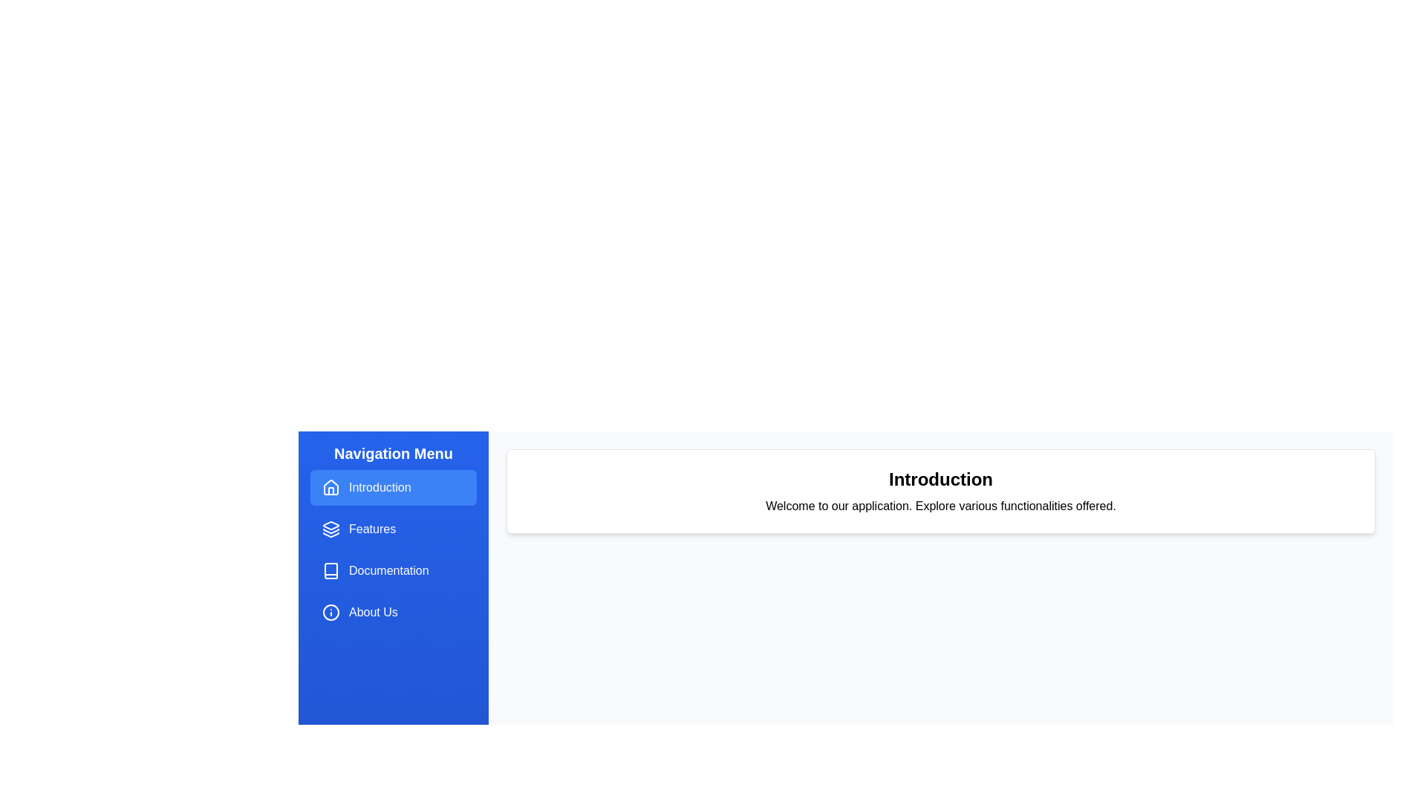  What do you see at coordinates (331, 613) in the screenshot?
I see `the small circular icon within the 'About Us' menu item in the vertical navigation menu on the left side of the interface` at bounding box center [331, 613].